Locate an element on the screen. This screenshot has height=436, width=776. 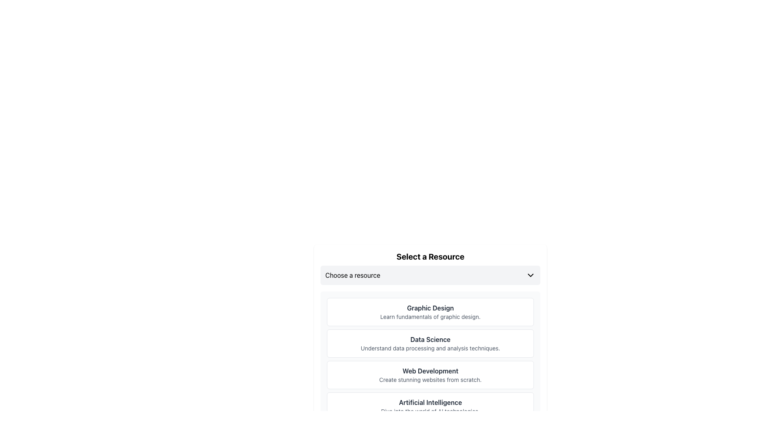
the 'Web Development' option selector tile, which is the third selectable item in a vertical list of categories is located at coordinates (430, 375).